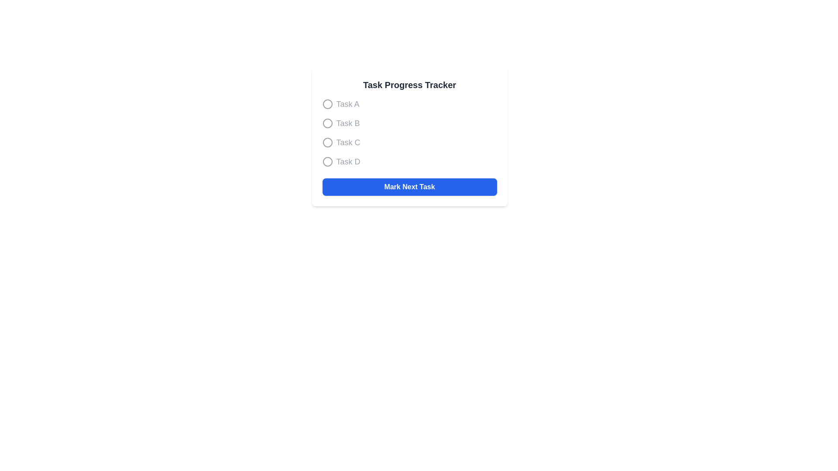 The image size is (838, 471). I want to click on the Text Label that serves as the header for the module, located at the top of the white card element, so click(409, 85).